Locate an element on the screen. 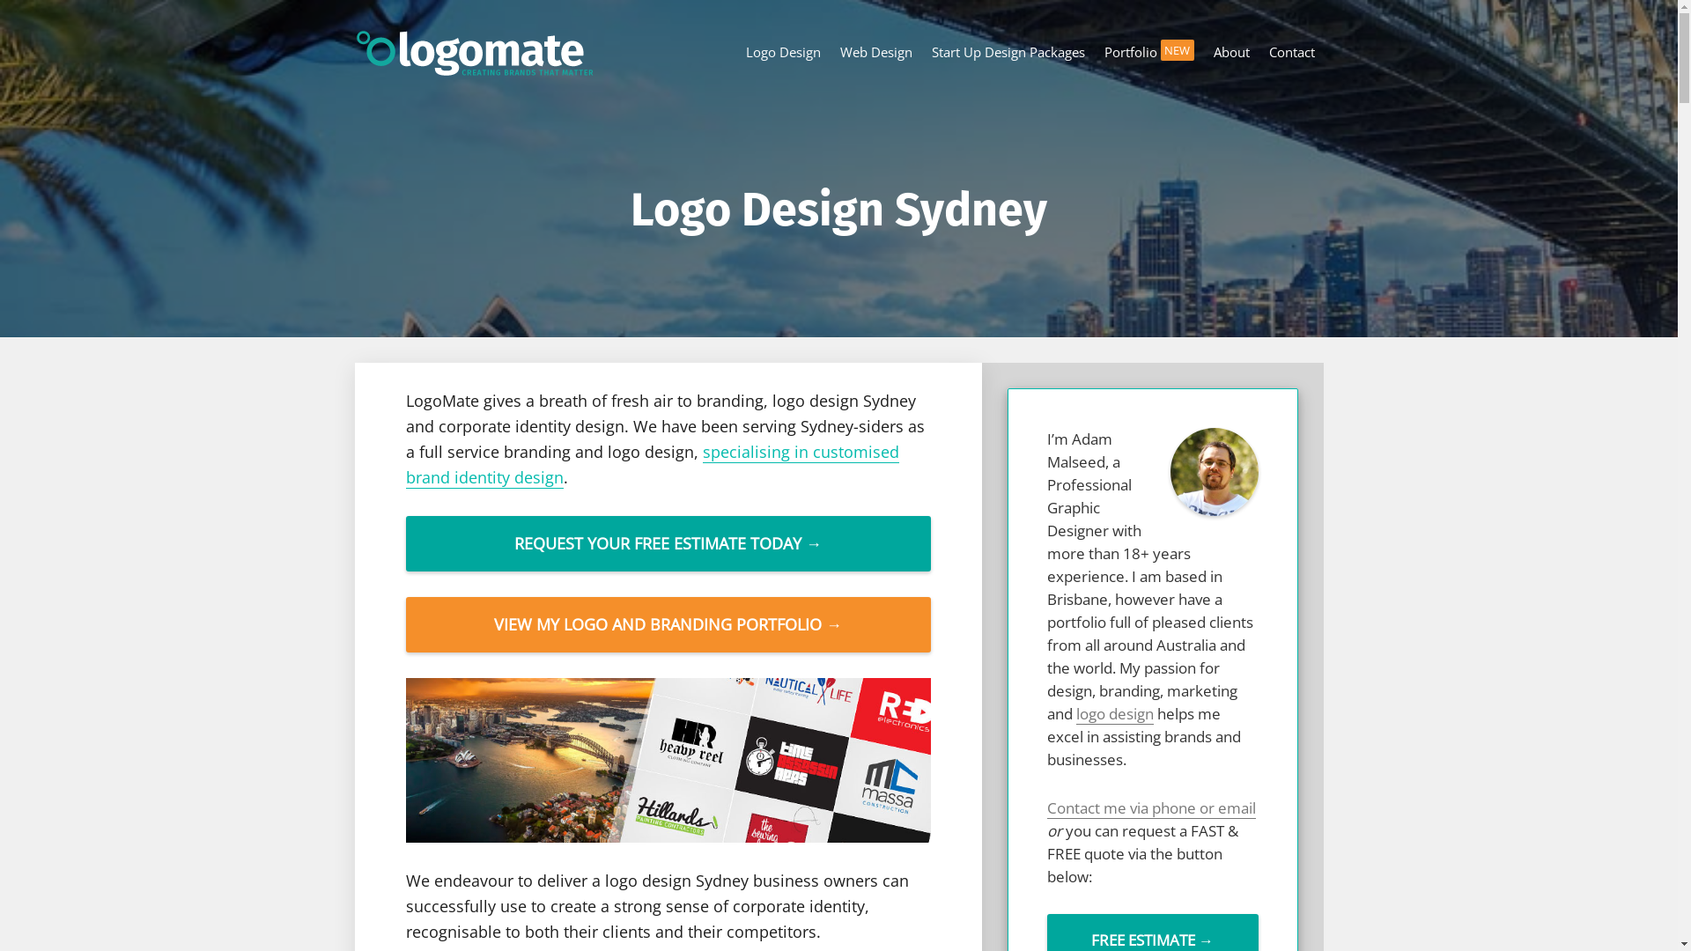  'logo design' is located at coordinates (1114, 713).